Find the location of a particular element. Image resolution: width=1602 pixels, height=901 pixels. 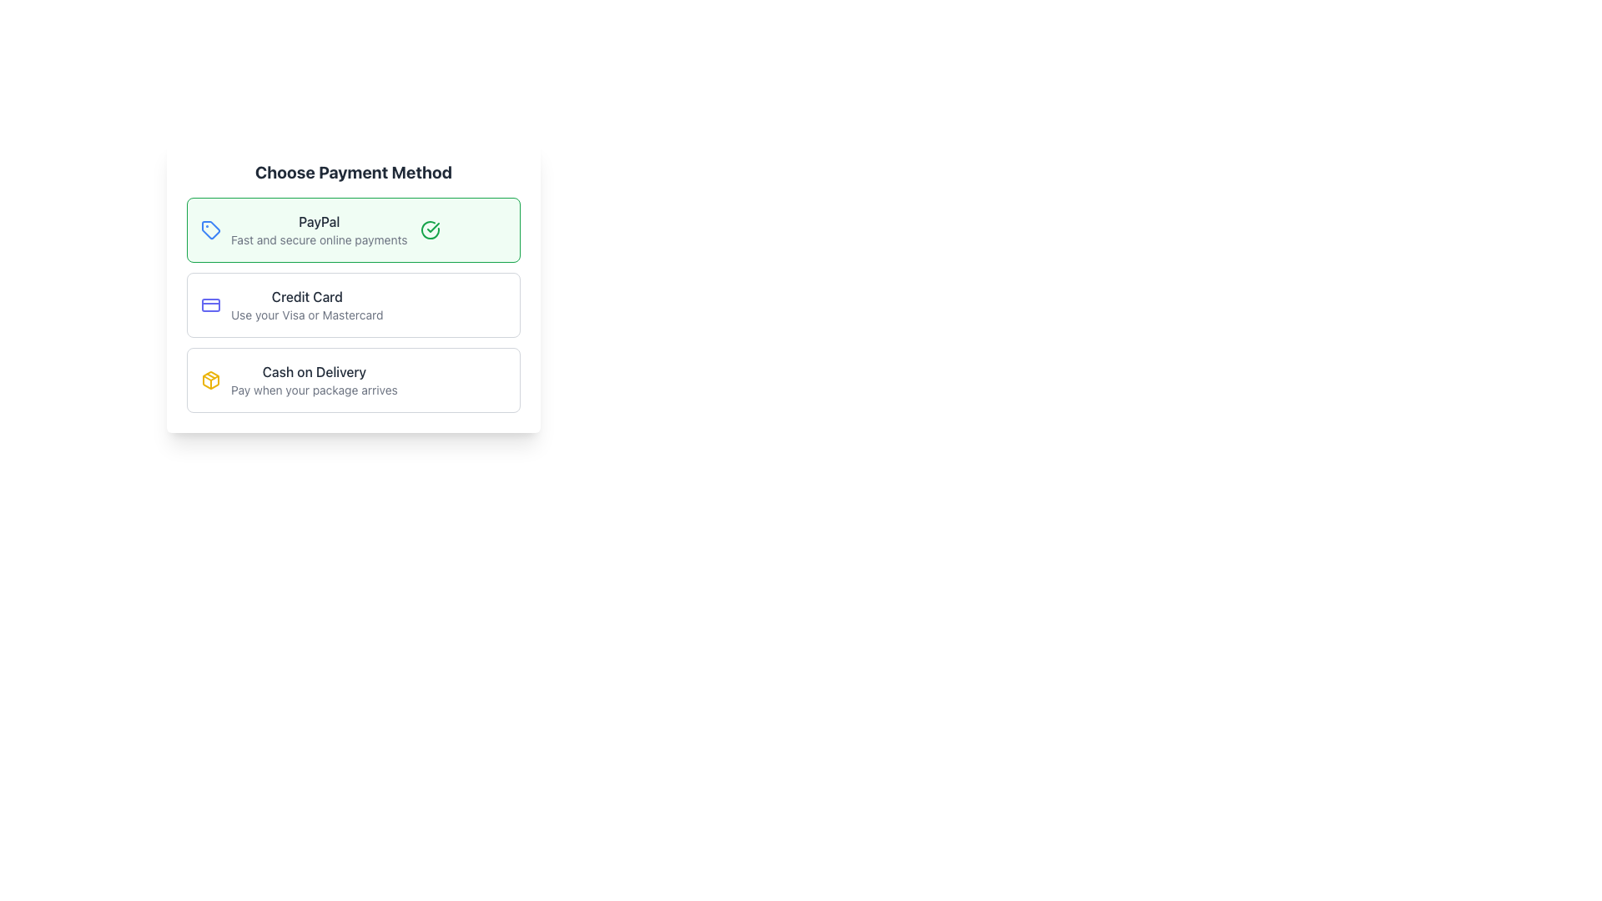

the first selection option for PayPal under the 'Choose Payment Method' heading to choose PayPal as the payment method is located at coordinates (352, 230).